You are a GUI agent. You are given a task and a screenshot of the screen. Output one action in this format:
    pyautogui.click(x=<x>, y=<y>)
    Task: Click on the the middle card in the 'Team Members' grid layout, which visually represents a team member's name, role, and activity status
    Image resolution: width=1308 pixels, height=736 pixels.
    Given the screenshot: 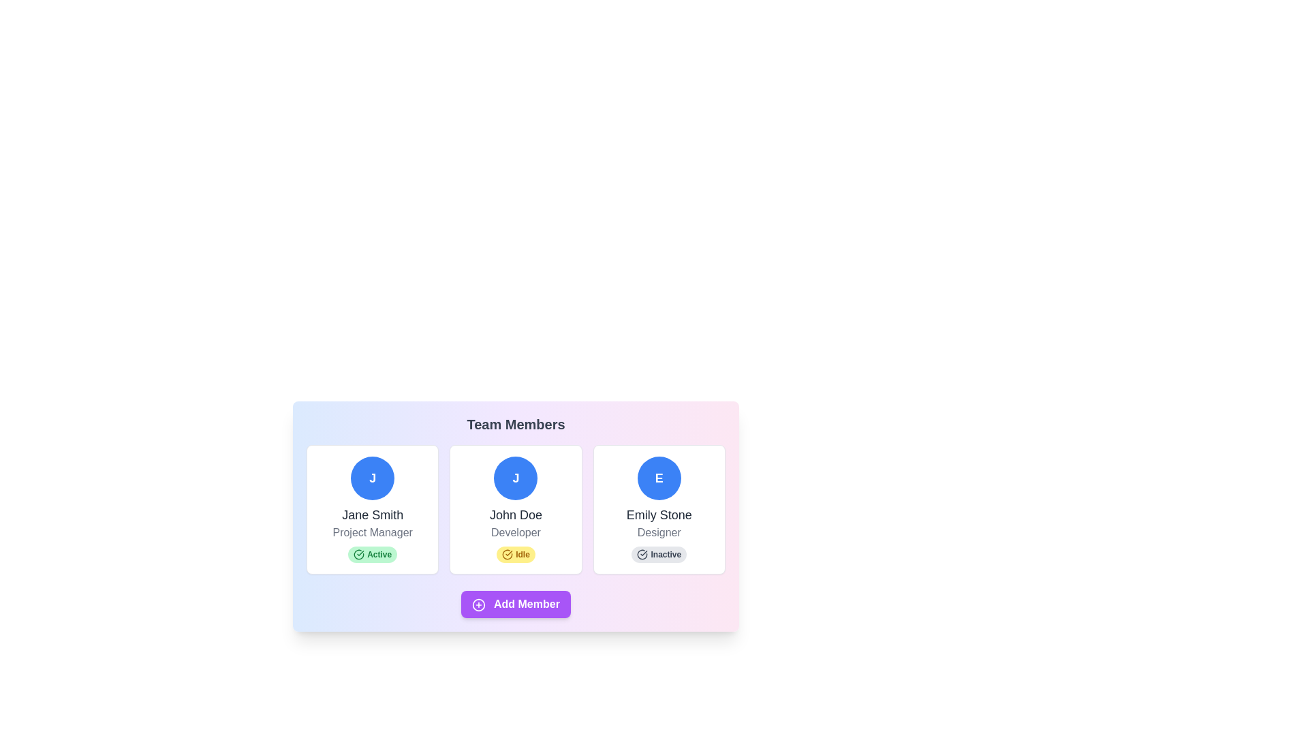 What is the action you would take?
    pyautogui.click(x=515, y=510)
    